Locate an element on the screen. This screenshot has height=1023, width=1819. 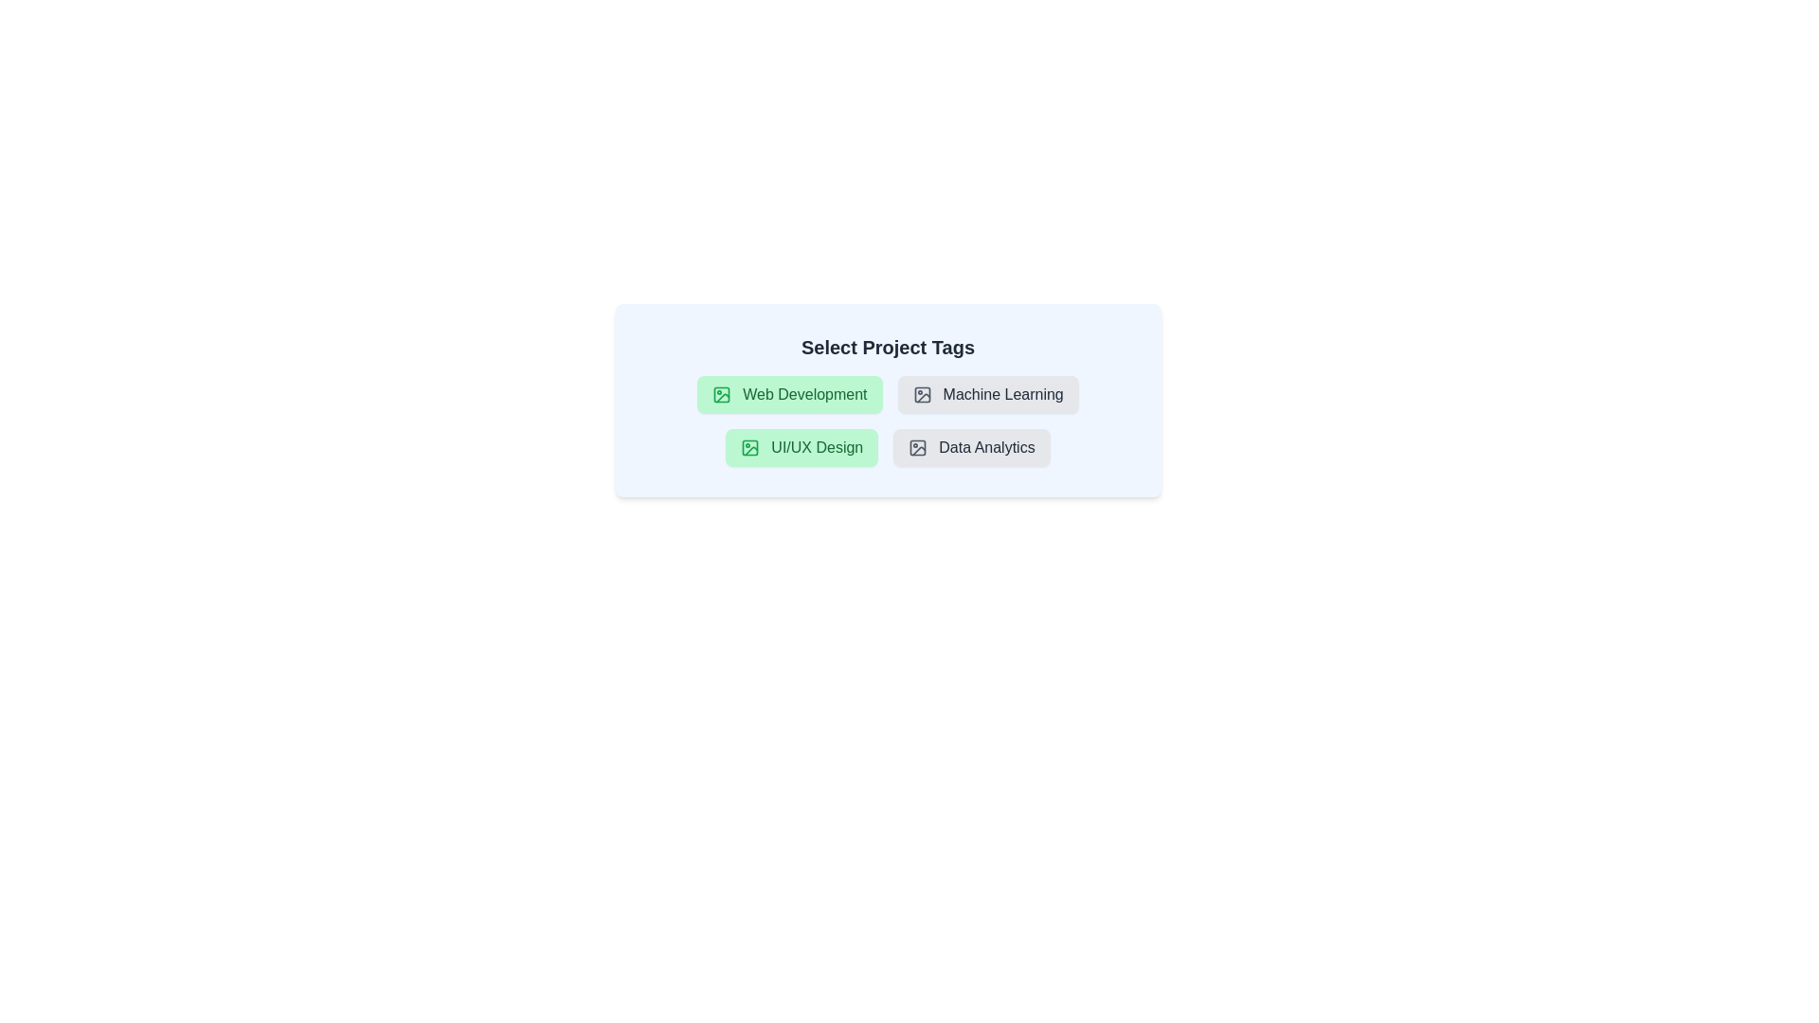
the tag labeled 'Data Analytics' to observe the hover effect is located at coordinates (972, 448).